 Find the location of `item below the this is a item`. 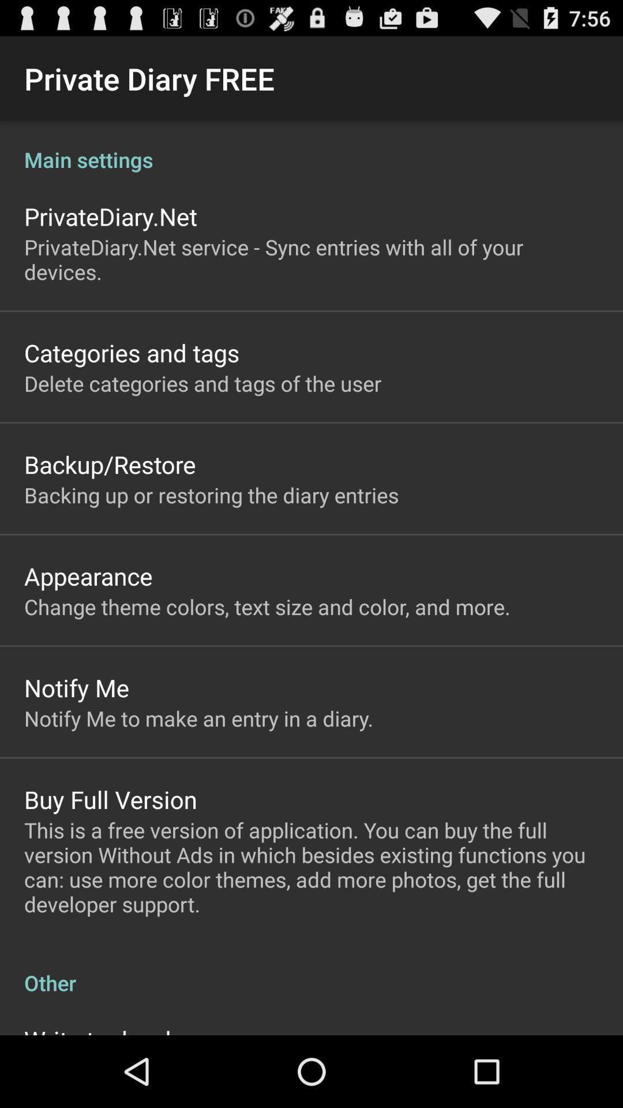

item below the this is a item is located at coordinates (311, 970).